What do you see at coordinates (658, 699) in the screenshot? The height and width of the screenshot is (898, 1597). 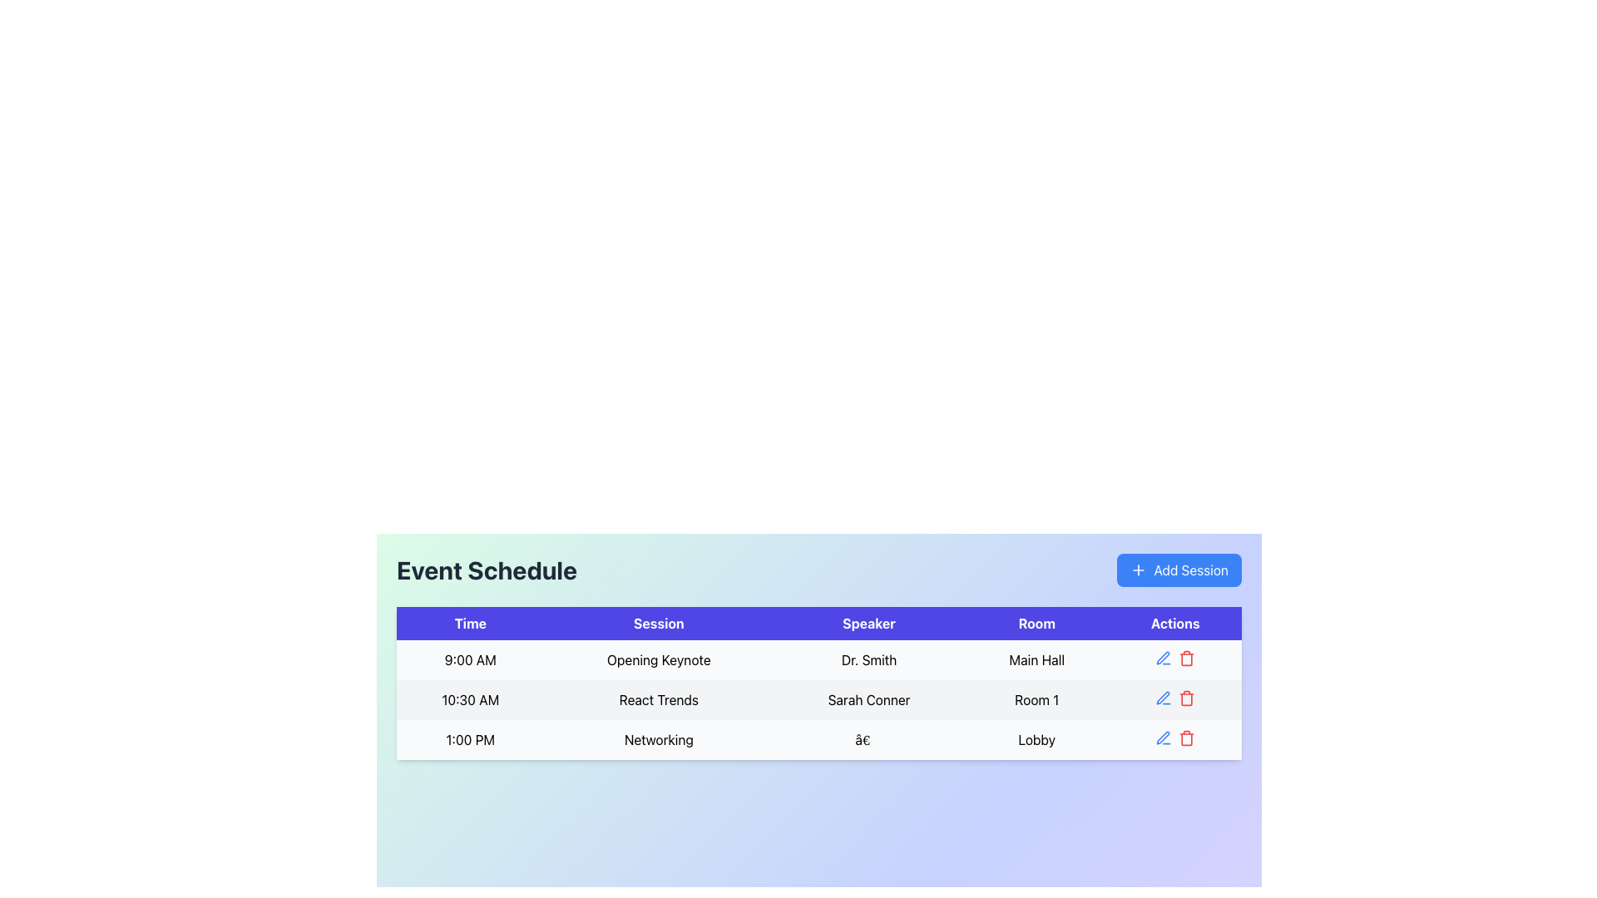 I see `the non-interactive text label indicating the title of the session in the second cell of the 'Session' column, aligned with the '10:30 AM' time slot and below 'Opening Keynote'` at bounding box center [658, 699].